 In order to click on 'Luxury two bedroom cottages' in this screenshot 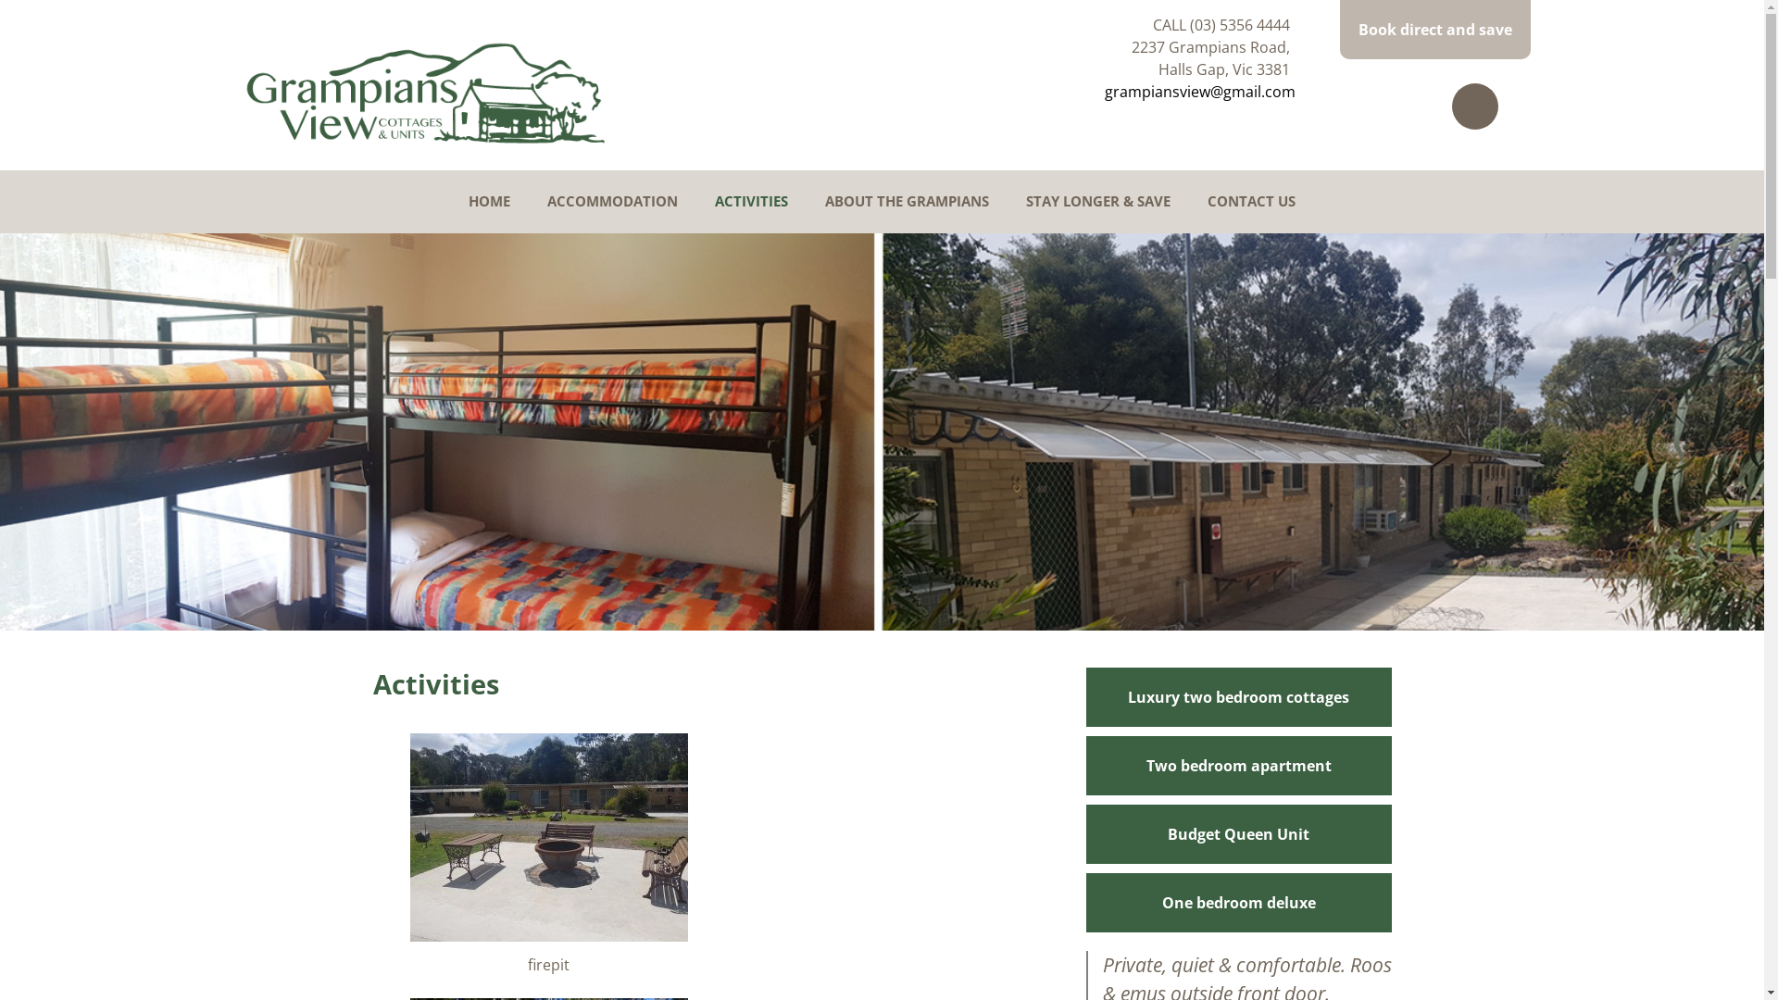, I will do `click(1238, 696)`.